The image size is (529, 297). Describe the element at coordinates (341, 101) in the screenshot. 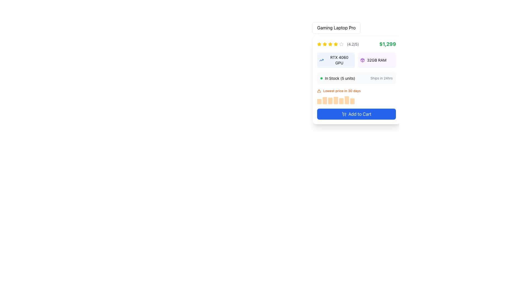

I see `the fifth bar in the sequence of seven bars that visually represents data underneath the text 'Lowest price in 30 days'` at that location.